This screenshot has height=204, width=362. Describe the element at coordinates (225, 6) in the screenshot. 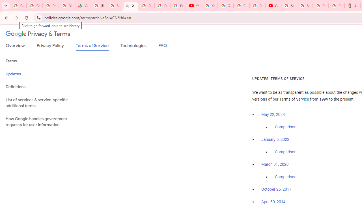

I see `'Google Account Help'` at that location.